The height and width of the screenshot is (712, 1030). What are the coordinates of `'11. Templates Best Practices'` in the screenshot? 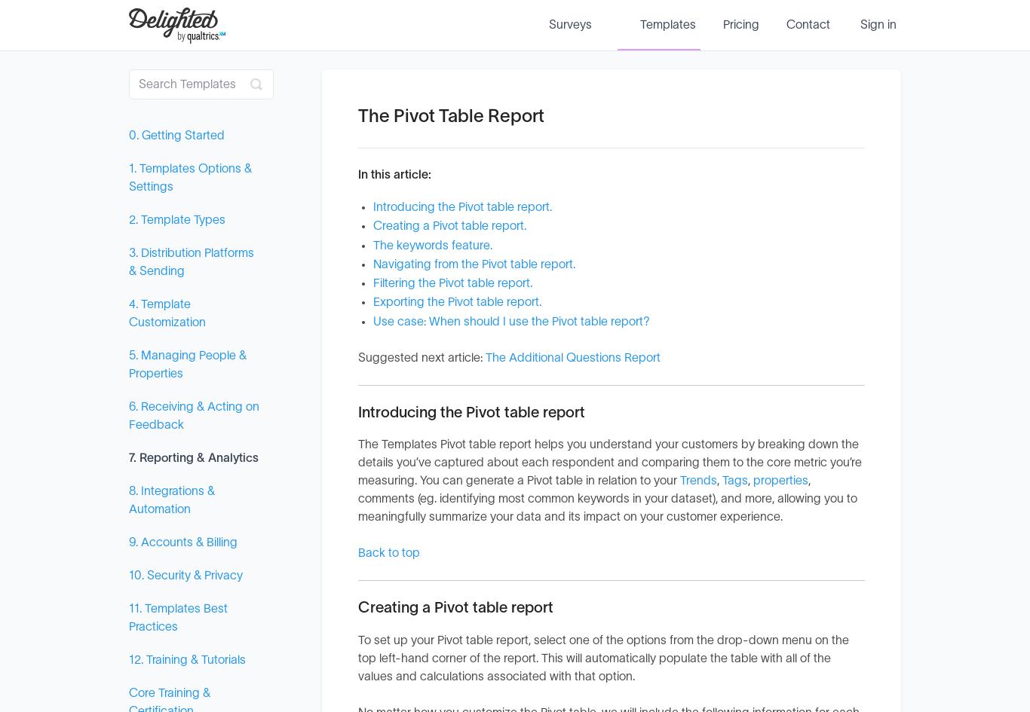 It's located at (178, 617).